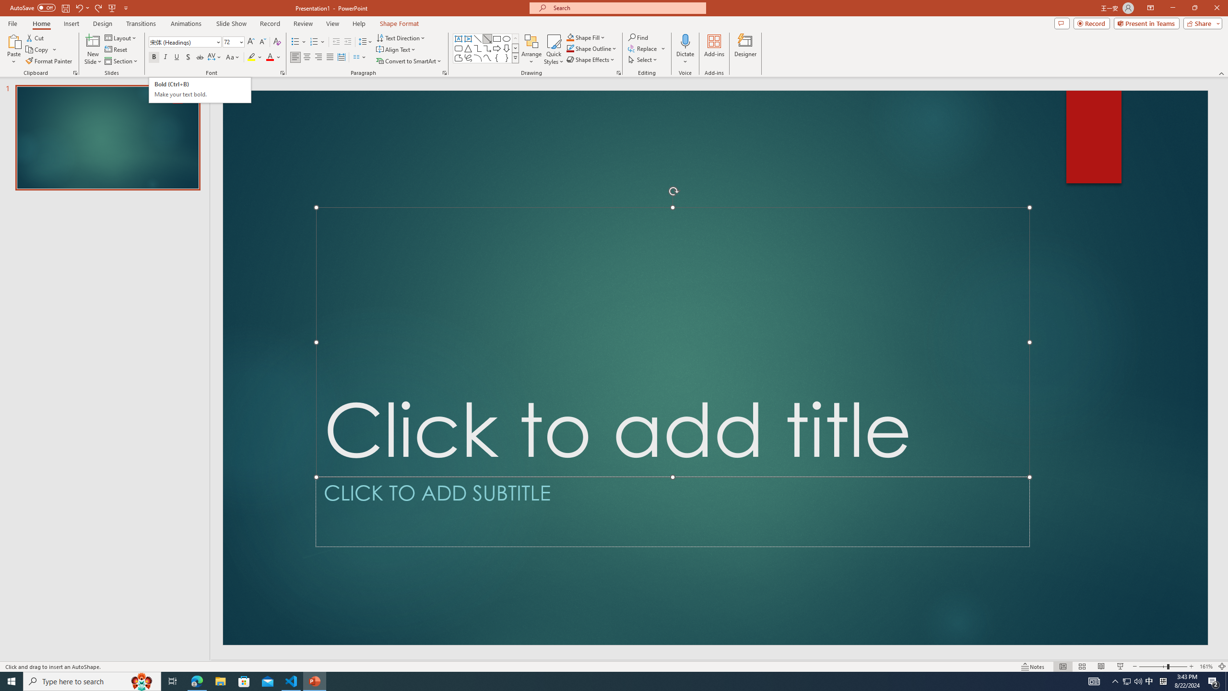 The width and height of the screenshot is (1228, 691). Describe the element at coordinates (745, 49) in the screenshot. I see `'Designer'` at that location.